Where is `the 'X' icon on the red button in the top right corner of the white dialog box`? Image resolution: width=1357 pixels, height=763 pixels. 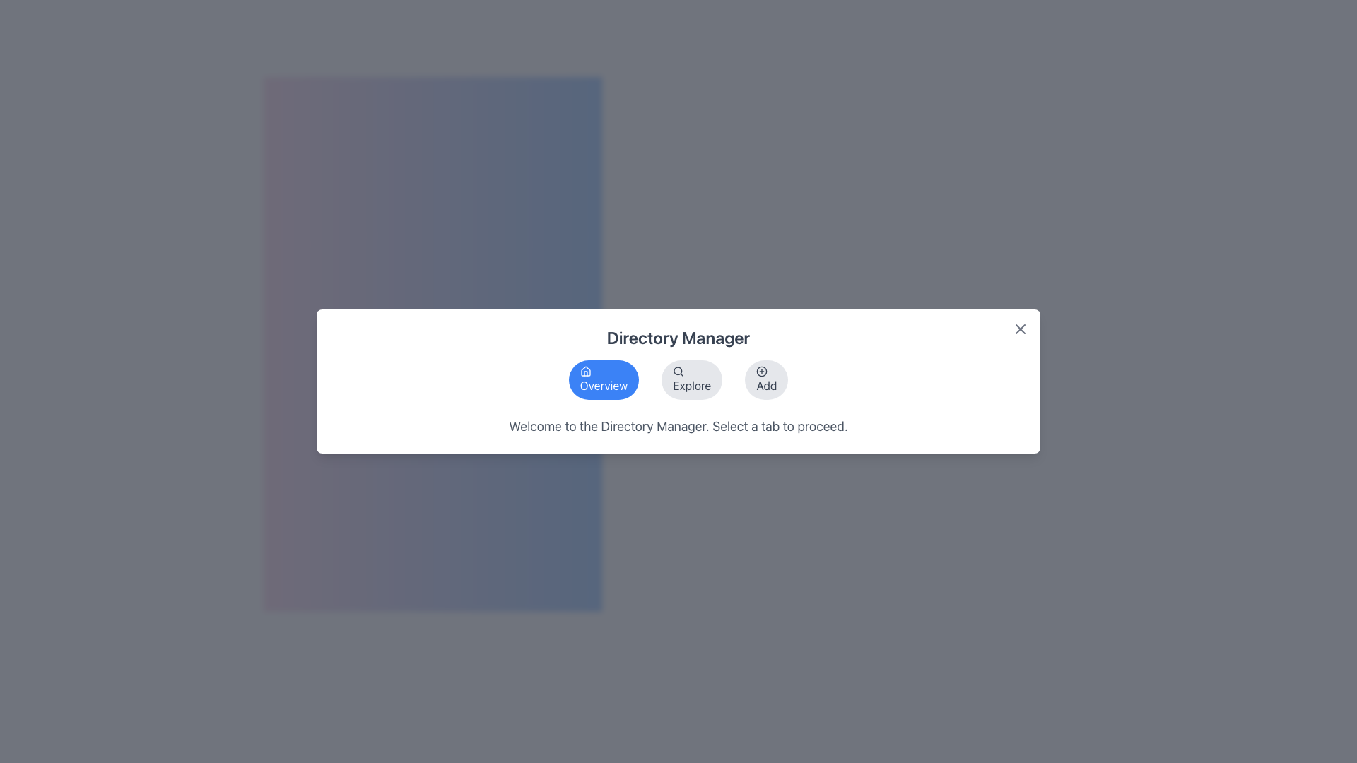 the 'X' icon on the red button in the top right corner of the white dialog box is located at coordinates (1021, 329).